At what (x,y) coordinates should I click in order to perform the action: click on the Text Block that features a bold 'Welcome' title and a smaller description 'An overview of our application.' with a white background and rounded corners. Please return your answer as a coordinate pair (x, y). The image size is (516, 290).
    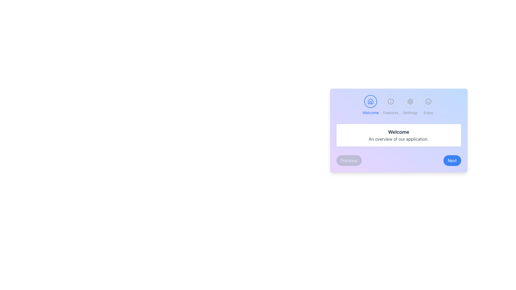
    Looking at the image, I should click on (399, 135).